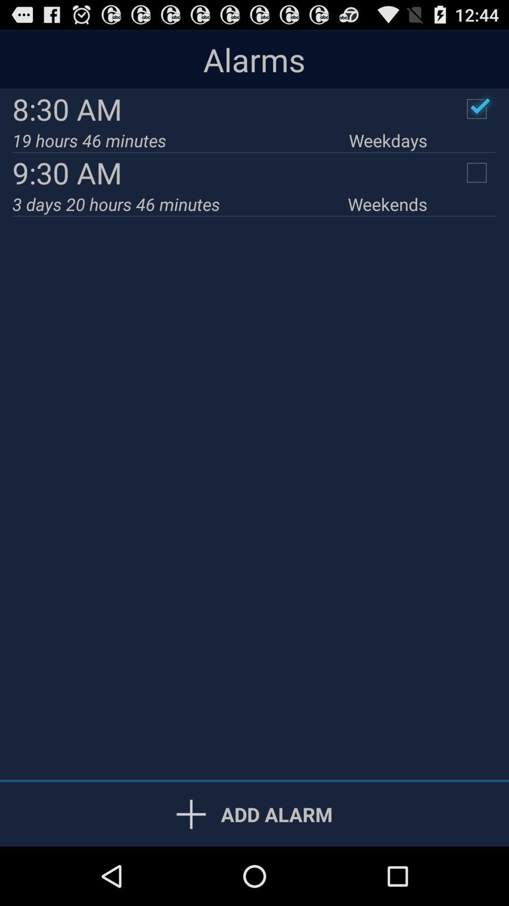 The height and width of the screenshot is (906, 509). Describe the element at coordinates (387, 203) in the screenshot. I see `the weekends` at that location.